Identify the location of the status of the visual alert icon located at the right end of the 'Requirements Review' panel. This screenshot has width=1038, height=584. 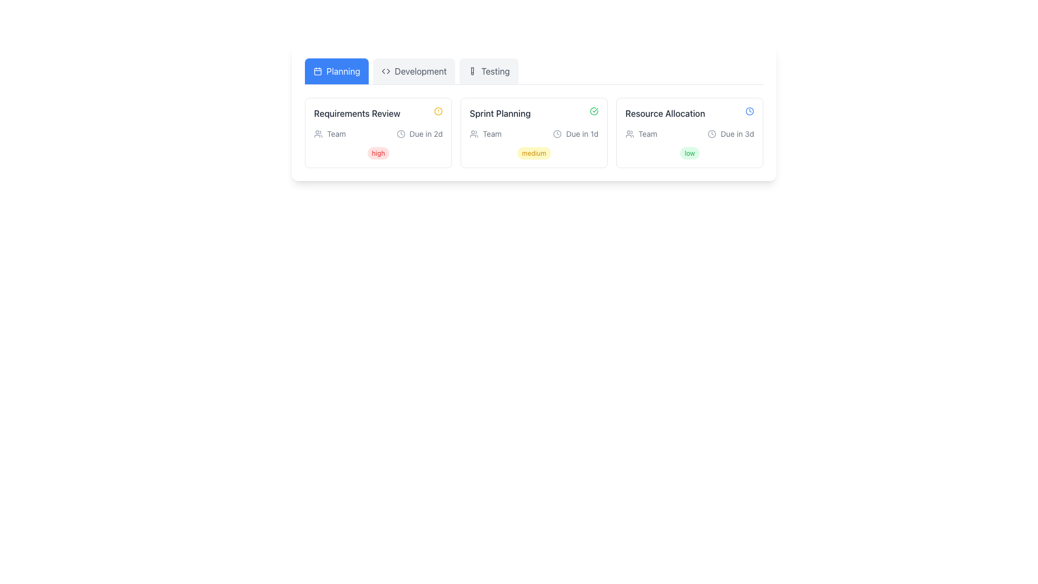
(438, 111).